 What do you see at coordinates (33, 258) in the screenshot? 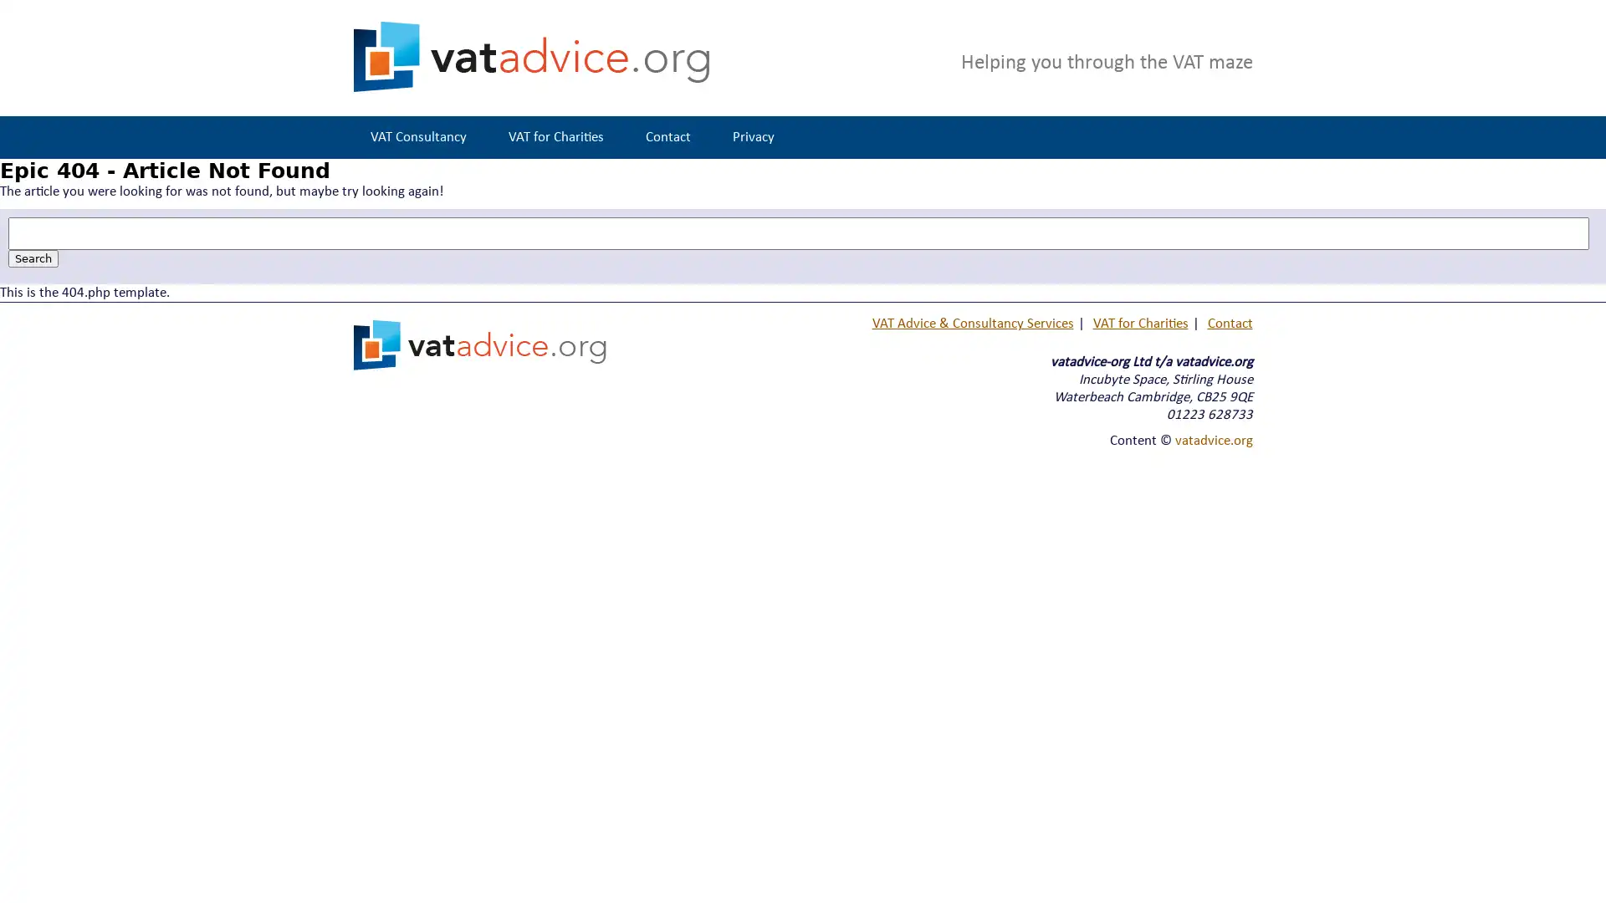
I see `Search` at bounding box center [33, 258].